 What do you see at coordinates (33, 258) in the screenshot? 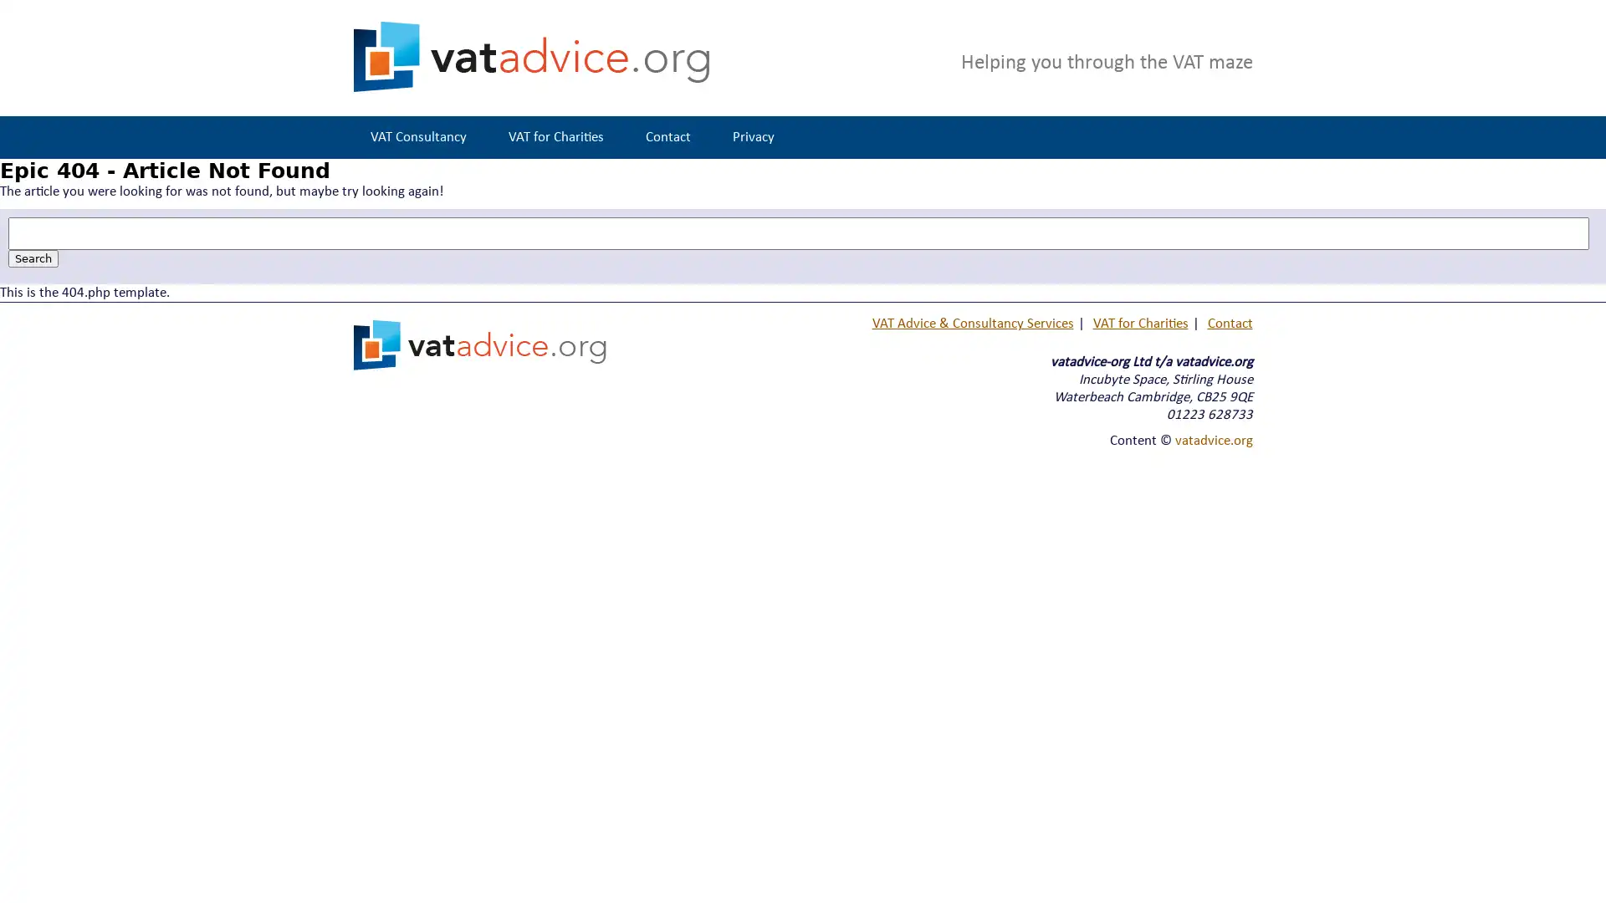
I see `Search` at bounding box center [33, 258].